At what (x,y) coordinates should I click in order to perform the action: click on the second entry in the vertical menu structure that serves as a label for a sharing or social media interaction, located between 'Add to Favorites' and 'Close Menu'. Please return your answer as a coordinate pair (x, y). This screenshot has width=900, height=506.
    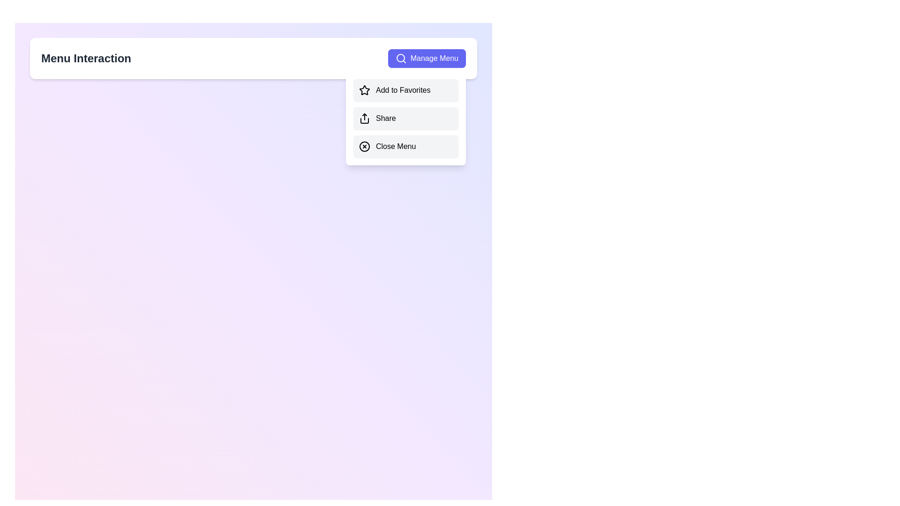
    Looking at the image, I should click on (386, 118).